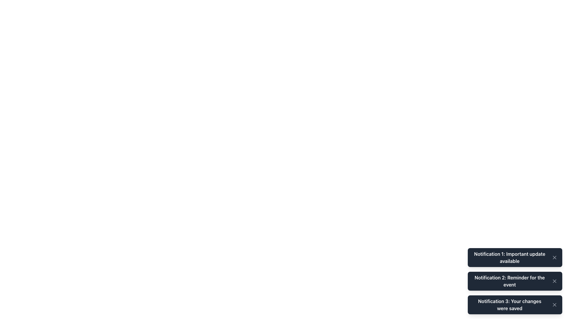 This screenshot has width=567, height=319. What do you see at coordinates (554, 257) in the screenshot?
I see `the small circular button with an 'X' icon located at the upper-right corner of the notification card labeled 'Notification 1: Important update available'` at bounding box center [554, 257].